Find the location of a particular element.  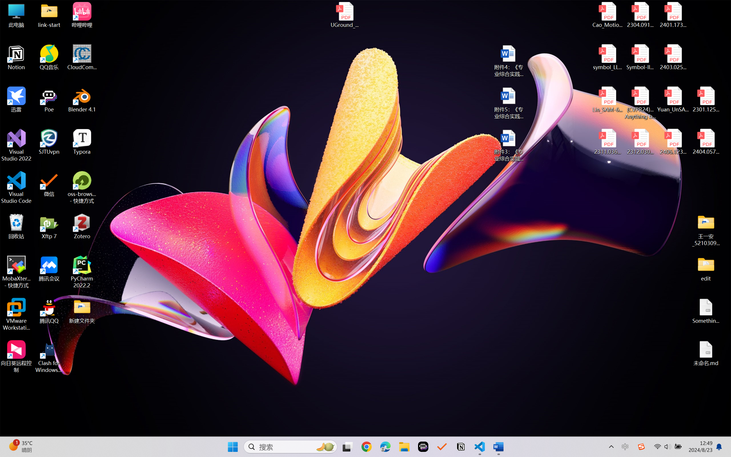

'(CVPR24)Matching Anything by Segmenting Anything.pdf' is located at coordinates (640, 103).